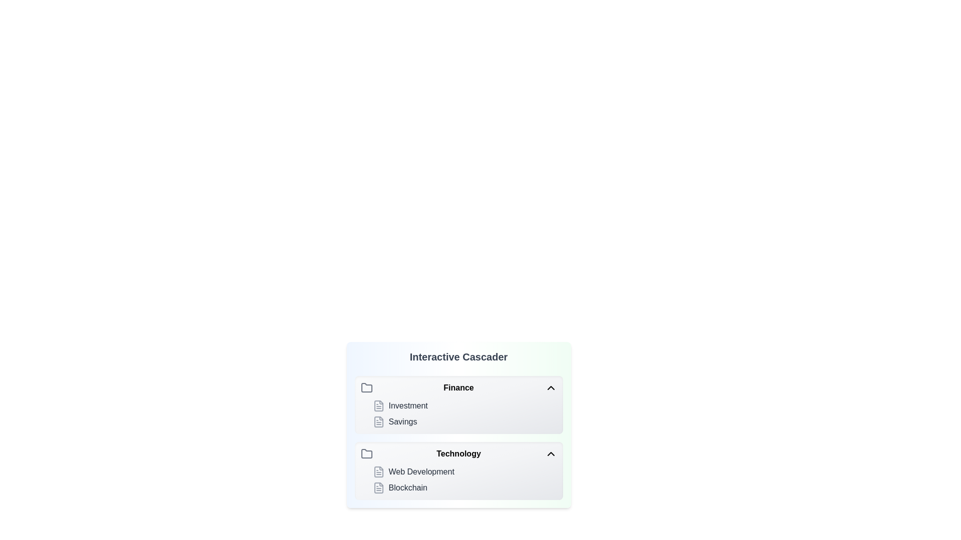 The height and width of the screenshot is (540, 961). What do you see at coordinates (458, 479) in the screenshot?
I see `the 'Web Development' entry in the list of items with icons under the 'Technology' section` at bounding box center [458, 479].